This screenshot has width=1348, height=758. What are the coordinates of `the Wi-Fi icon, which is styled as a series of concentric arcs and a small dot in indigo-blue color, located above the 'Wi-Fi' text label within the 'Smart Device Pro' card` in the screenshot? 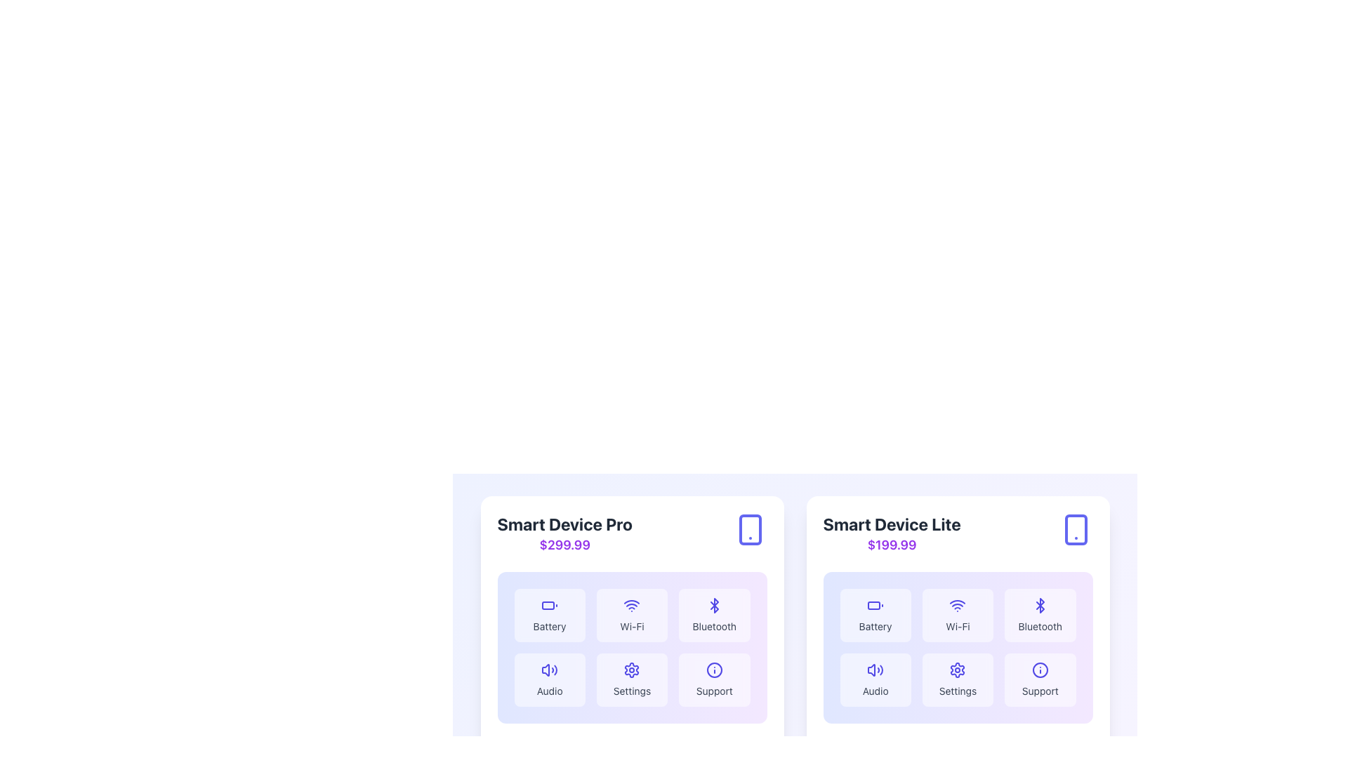 It's located at (631, 605).